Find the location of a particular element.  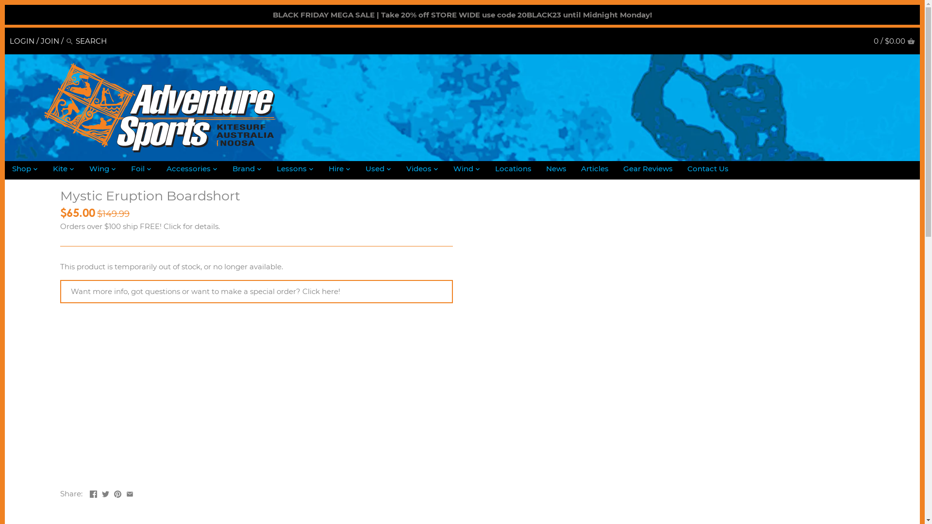

'Shop' is located at coordinates (4, 170).